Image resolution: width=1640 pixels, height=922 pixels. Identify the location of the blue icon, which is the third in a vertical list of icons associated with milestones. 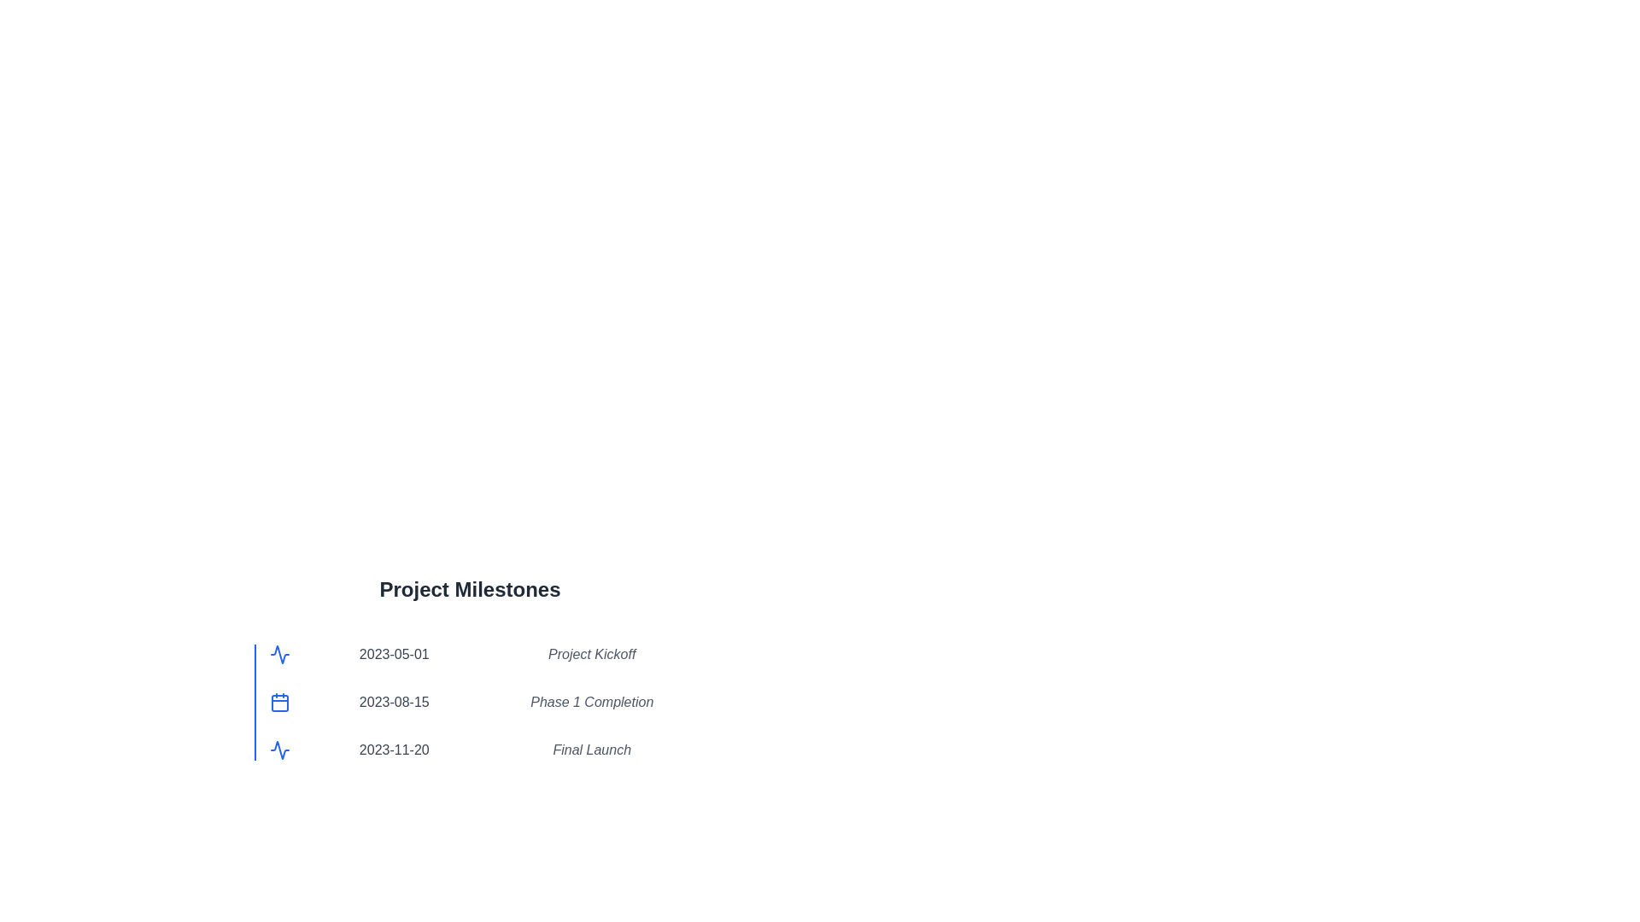
(279, 654).